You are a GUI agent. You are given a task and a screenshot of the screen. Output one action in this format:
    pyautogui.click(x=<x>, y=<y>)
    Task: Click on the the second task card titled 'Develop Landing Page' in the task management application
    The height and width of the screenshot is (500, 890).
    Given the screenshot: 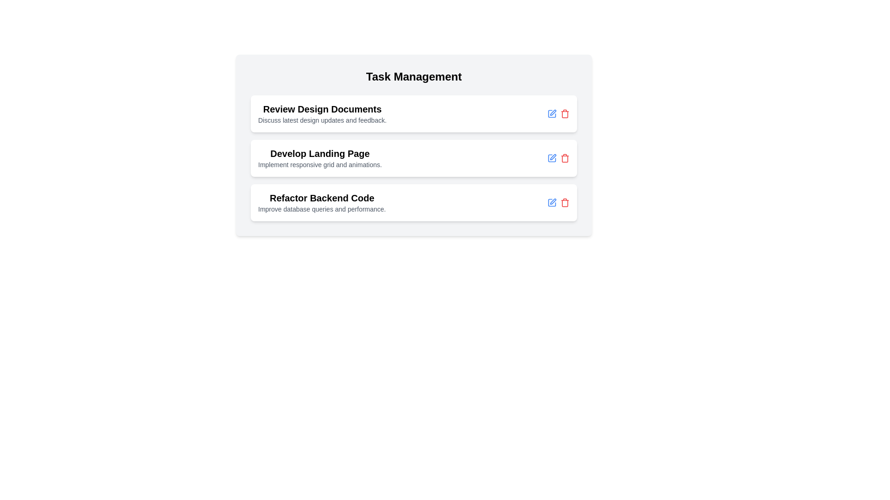 What is the action you would take?
    pyautogui.click(x=413, y=158)
    